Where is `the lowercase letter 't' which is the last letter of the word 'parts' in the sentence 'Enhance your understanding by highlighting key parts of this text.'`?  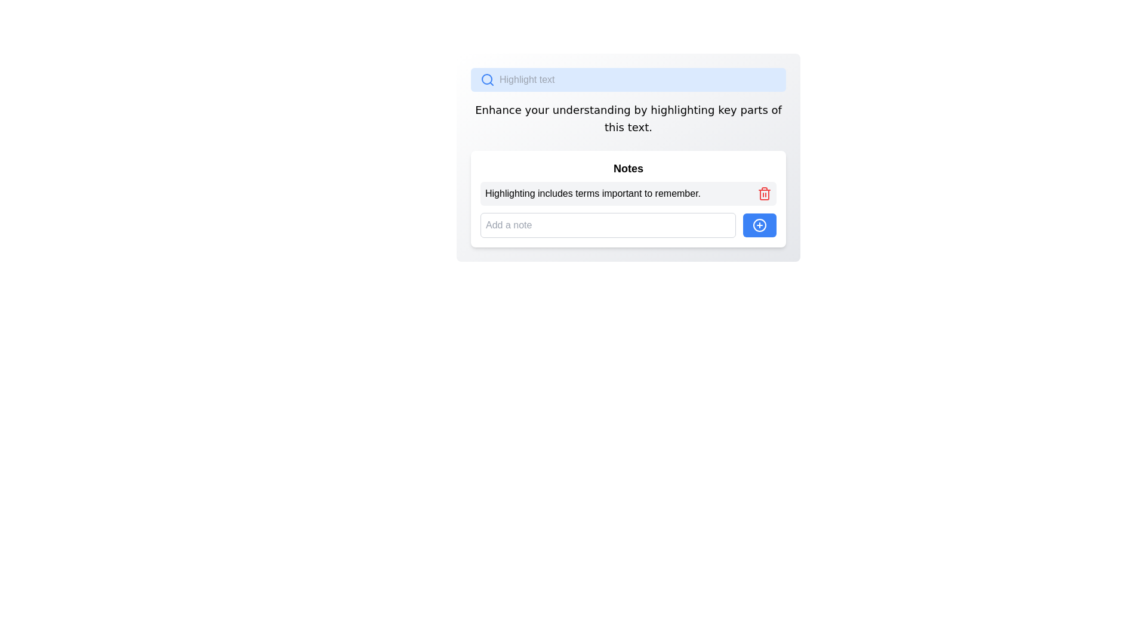
the lowercase letter 't' which is the last letter of the word 'parts' in the sentence 'Enhance your understanding by highlighting key parts of this text.' is located at coordinates (759, 110).